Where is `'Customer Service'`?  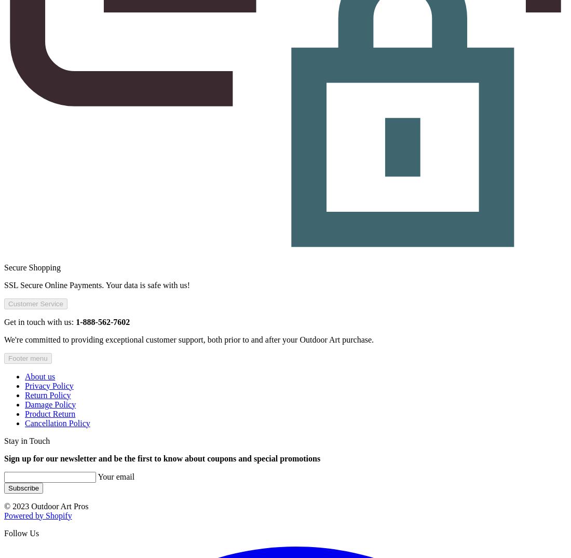 'Customer Service' is located at coordinates (35, 303).